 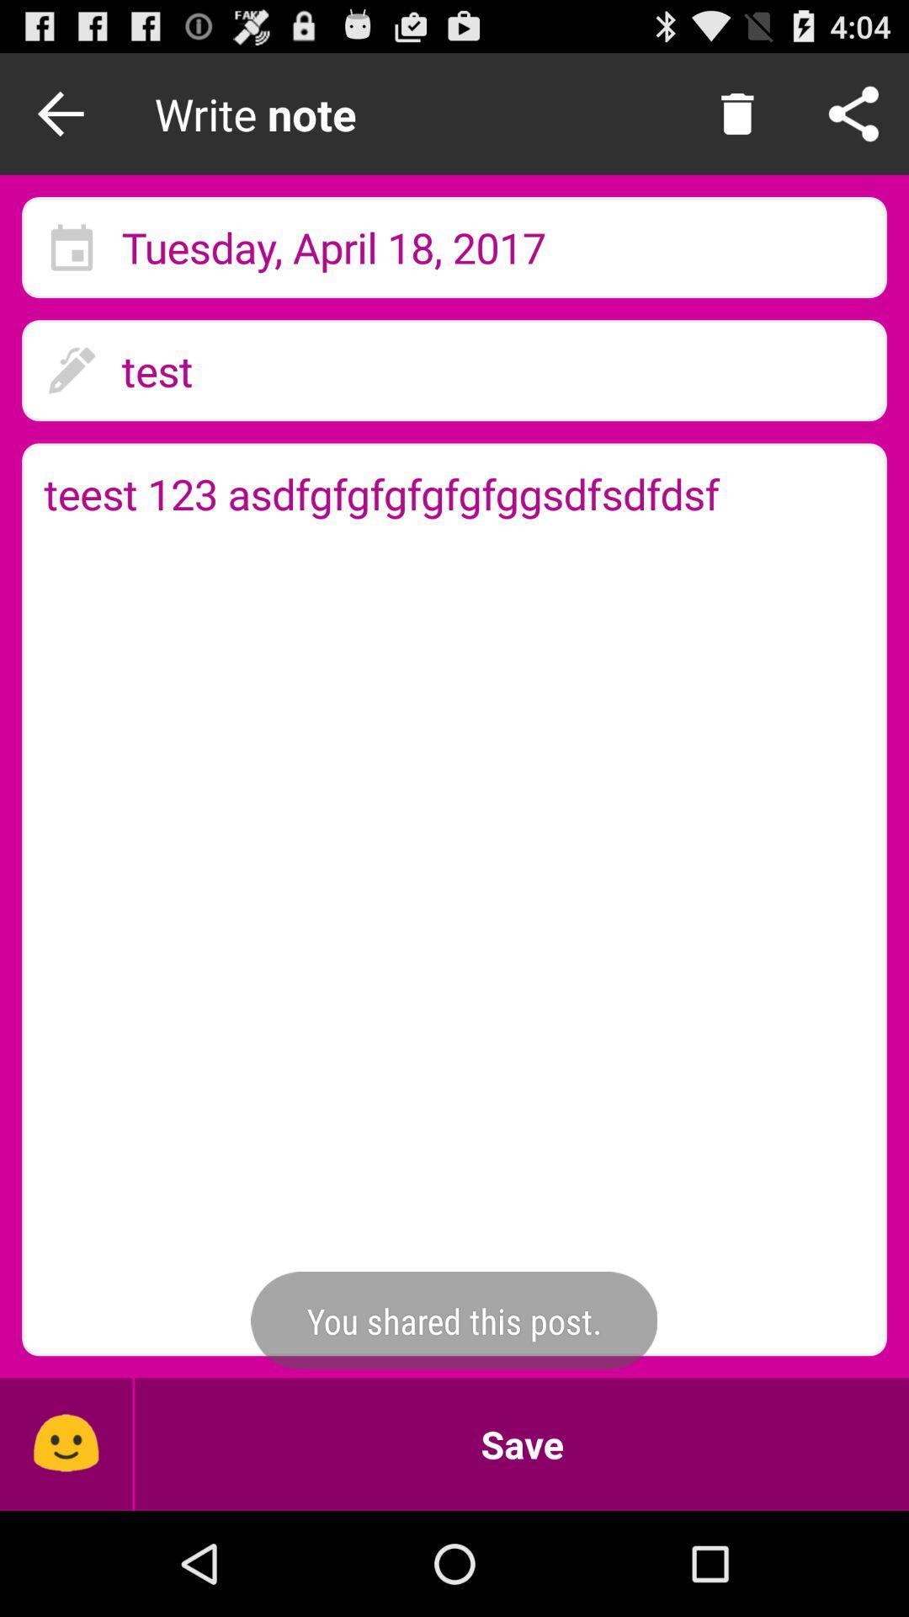 What do you see at coordinates (71, 264) in the screenshot?
I see `the date_range icon` at bounding box center [71, 264].